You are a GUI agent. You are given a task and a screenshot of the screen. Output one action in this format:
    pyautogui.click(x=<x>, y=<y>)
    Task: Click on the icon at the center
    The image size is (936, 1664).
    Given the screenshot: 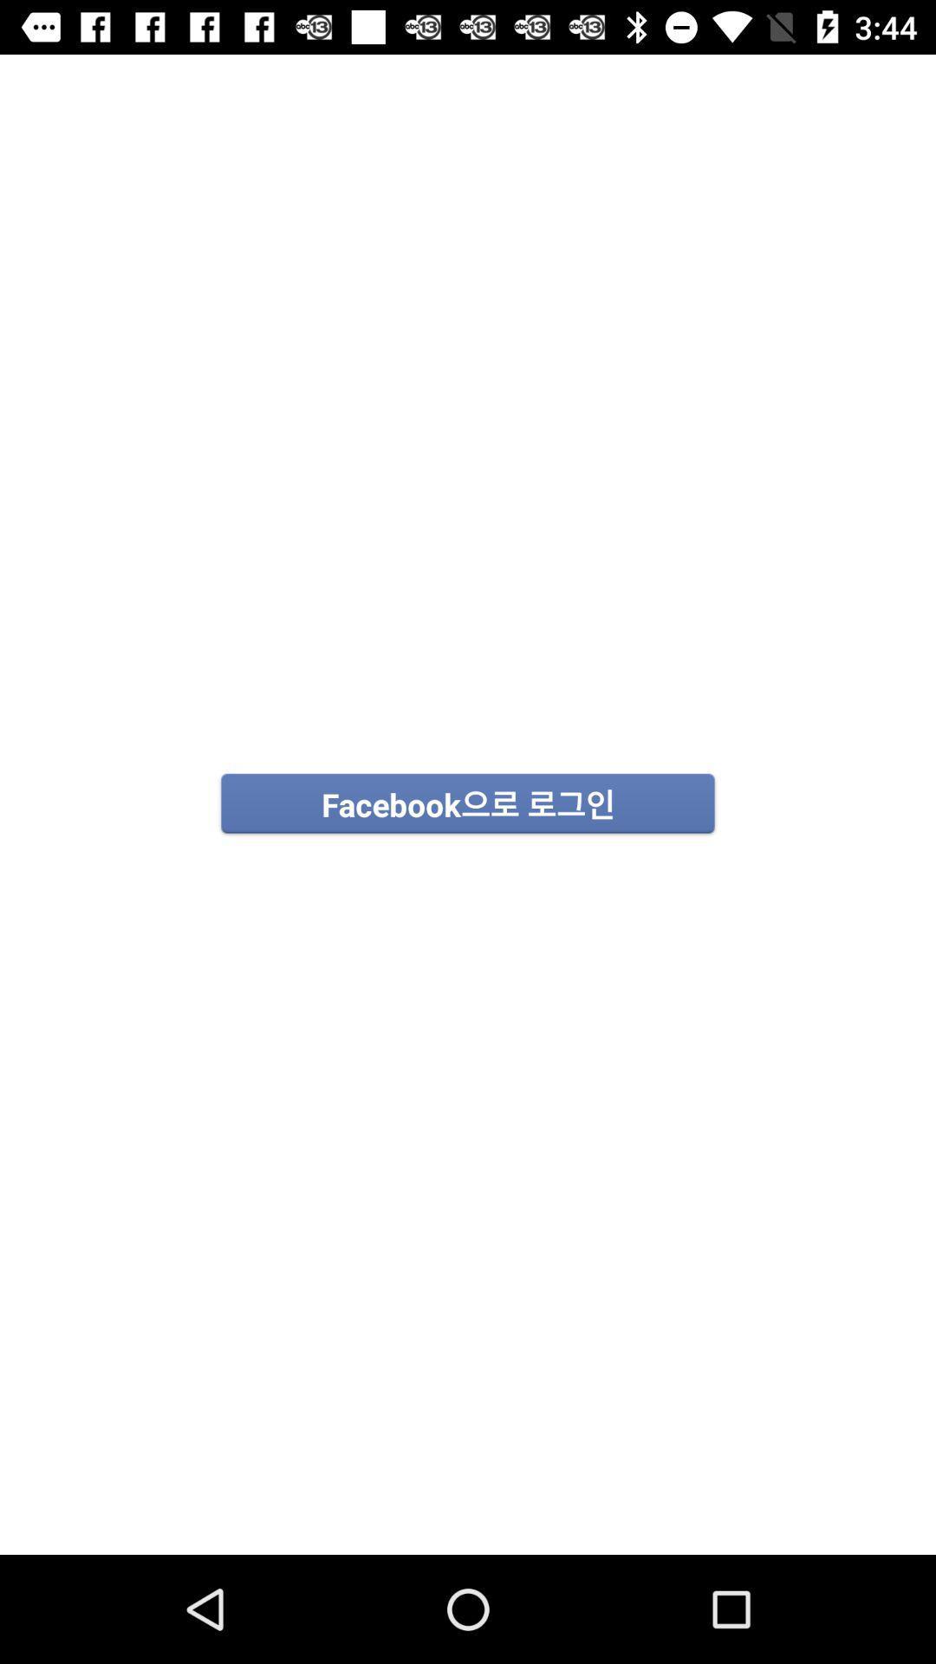 What is the action you would take?
    pyautogui.click(x=468, y=803)
    